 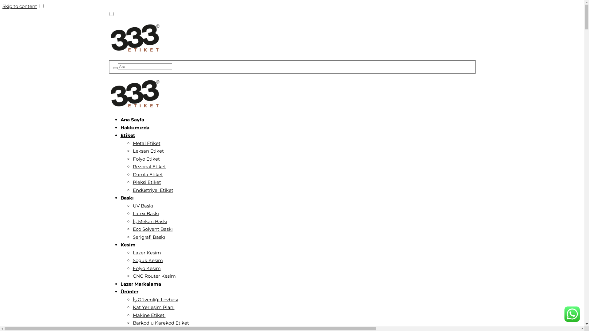 What do you see at coordinates (20, 6) in the screenshot?
I see `'Skip to content'` at bounding box center [20, 6].